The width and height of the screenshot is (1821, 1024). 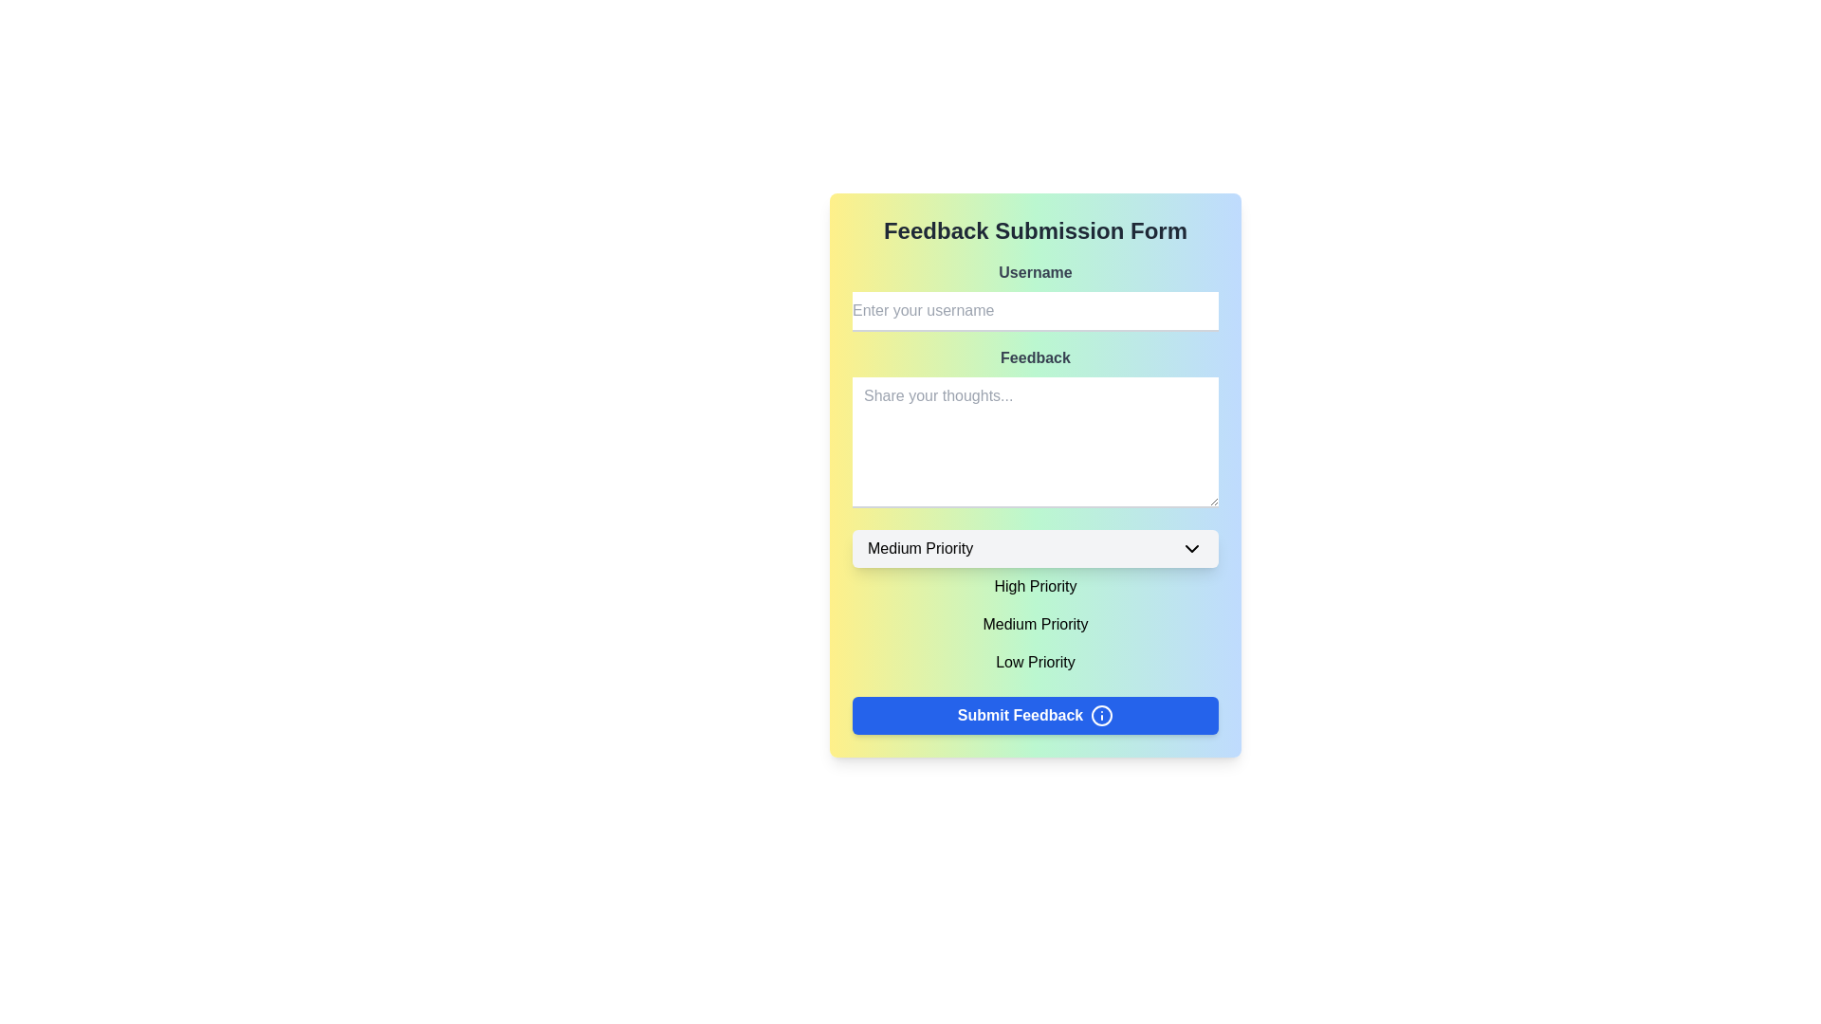 What do you see at coordinates (1102, 716) in the screenshot?
I see `the information icon located on the right side of the 'Submit Feedback' button at the bottom of the feedback submission form` at bounding box center [1102, 716].